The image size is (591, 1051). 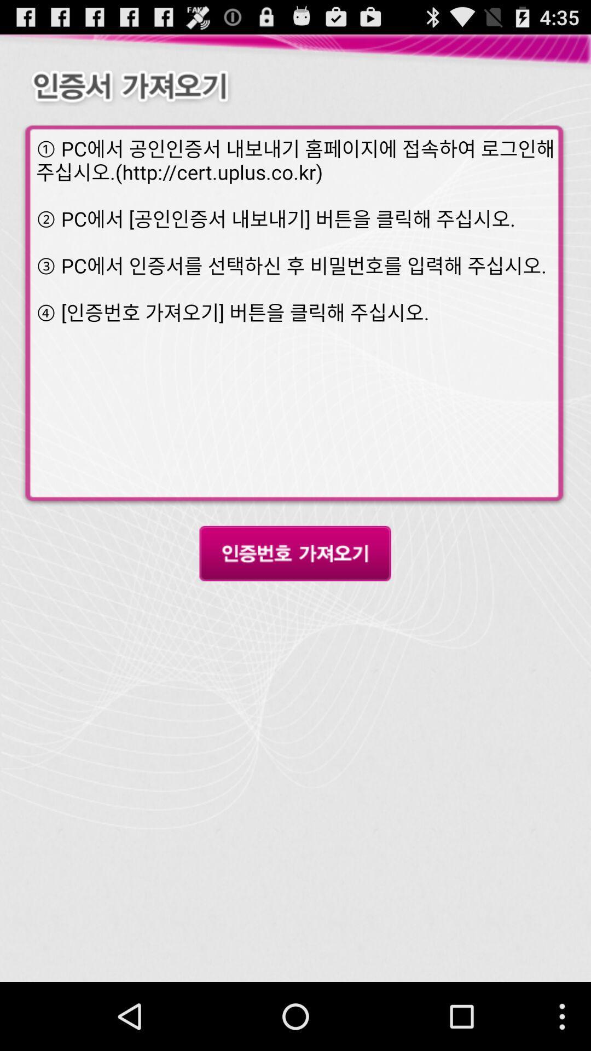 I want to click on item at the center, so click(x=294, y=553).